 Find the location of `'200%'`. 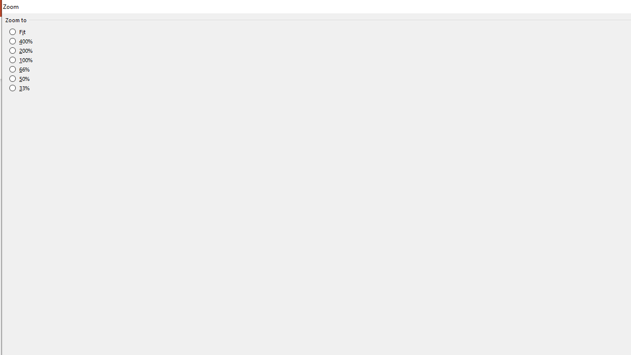

'200%' is located at coordinates (21, 50).